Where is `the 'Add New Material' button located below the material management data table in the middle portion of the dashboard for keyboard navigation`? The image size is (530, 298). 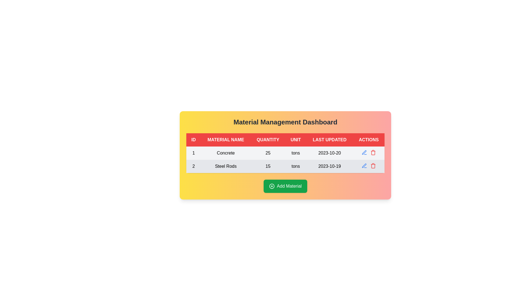
the 'Add New Material' button located below the material management data table in the middle portion of the dashboard for keyboard navigation is located at coordinates (285, 186).